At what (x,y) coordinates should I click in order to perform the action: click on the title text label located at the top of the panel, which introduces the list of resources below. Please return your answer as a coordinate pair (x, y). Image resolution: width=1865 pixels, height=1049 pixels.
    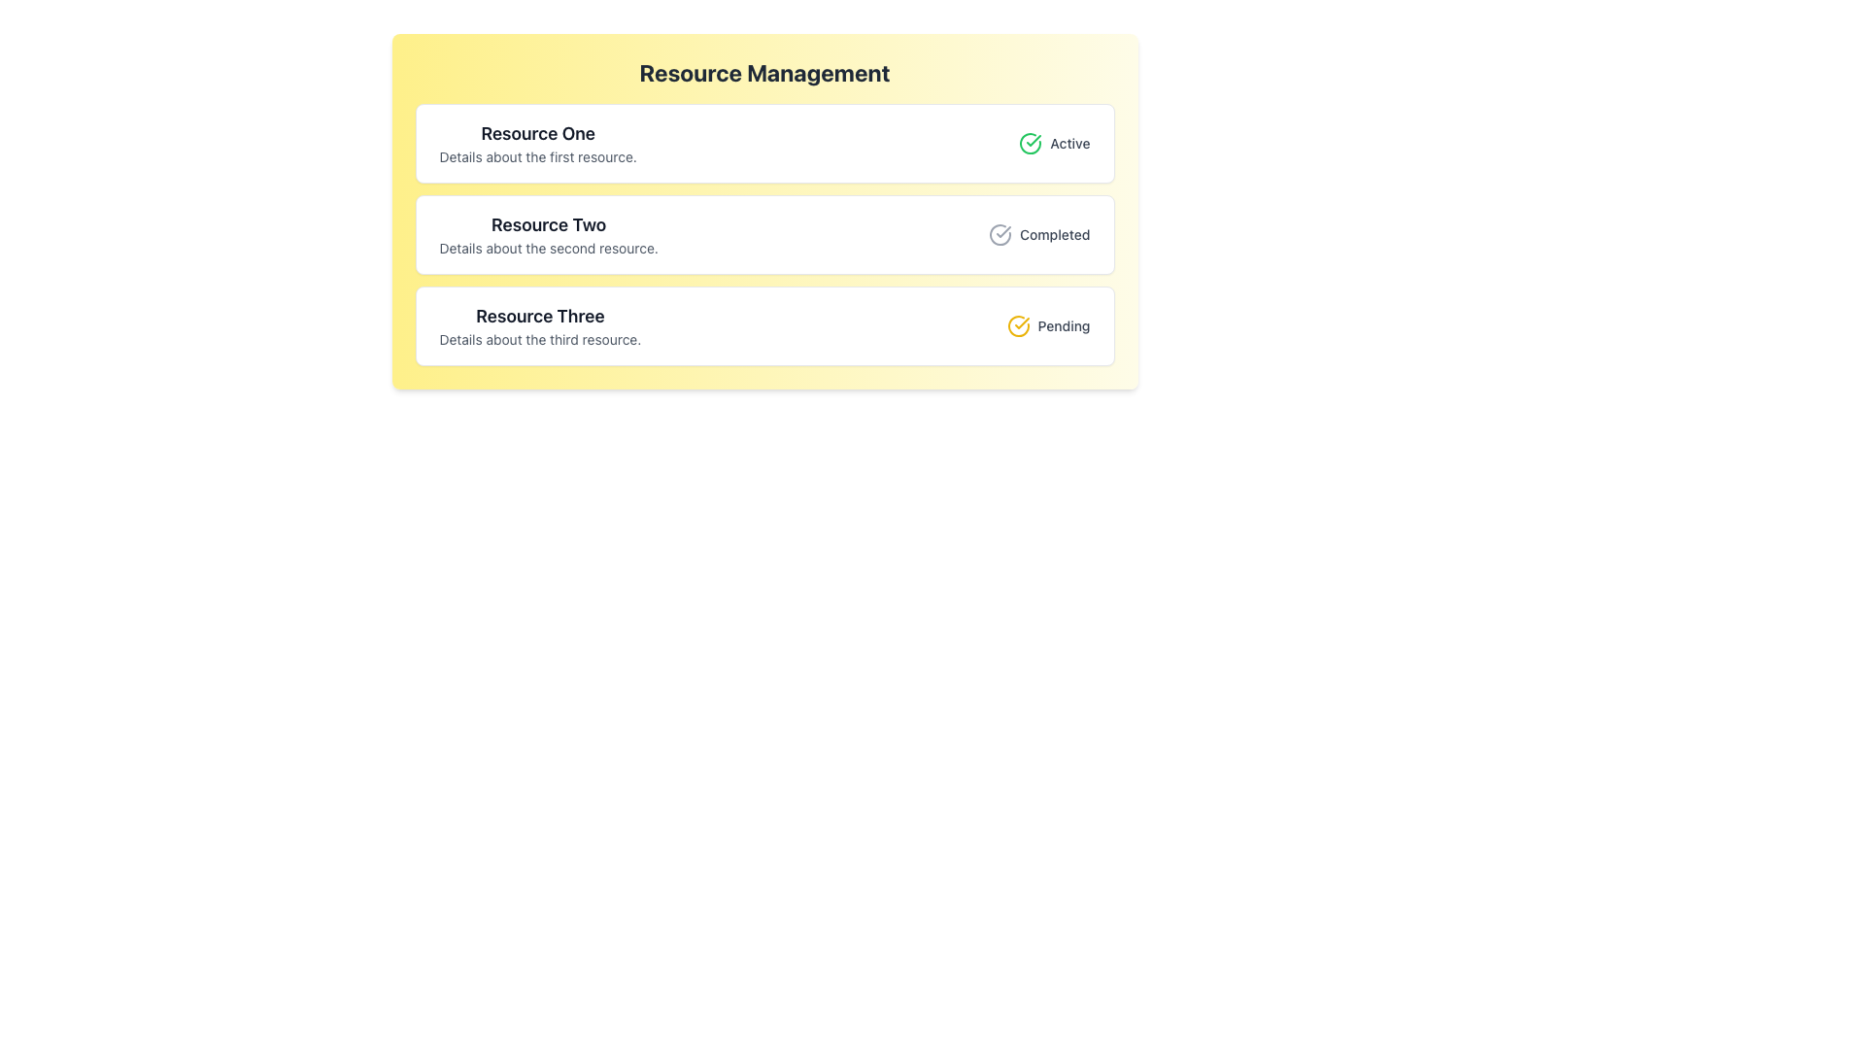
    Looking at the image, I should click on (763, 71).